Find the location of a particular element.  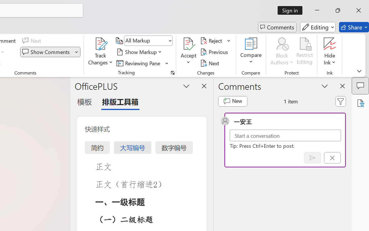

'Next' is located at coordinates (210, 63).